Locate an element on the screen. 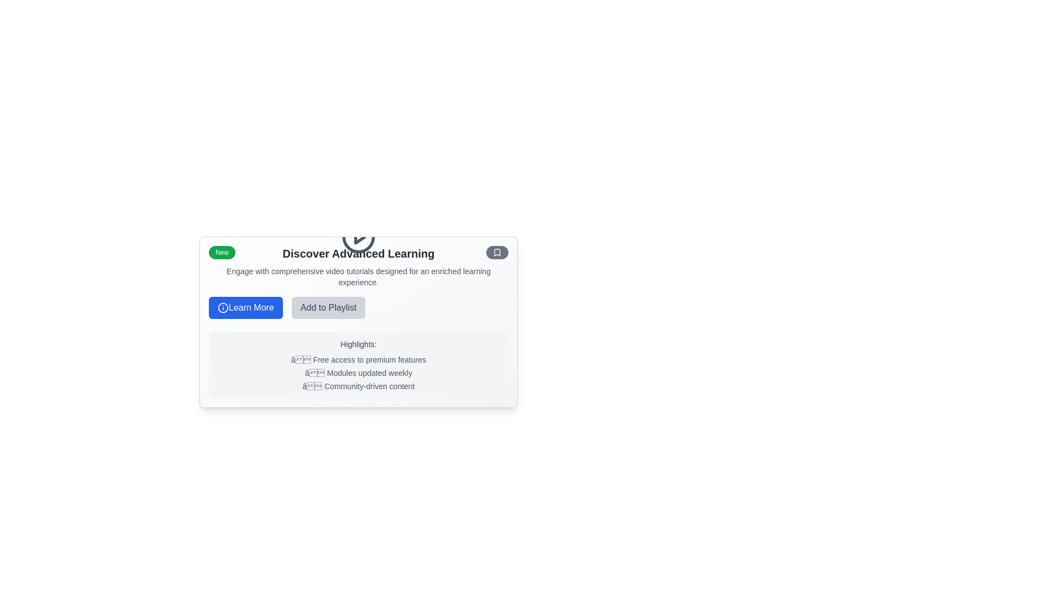  the second text item in the vertical list under the 'Highlights:' section that conveys informational details about updated modules is located at coordinates (358, 373).